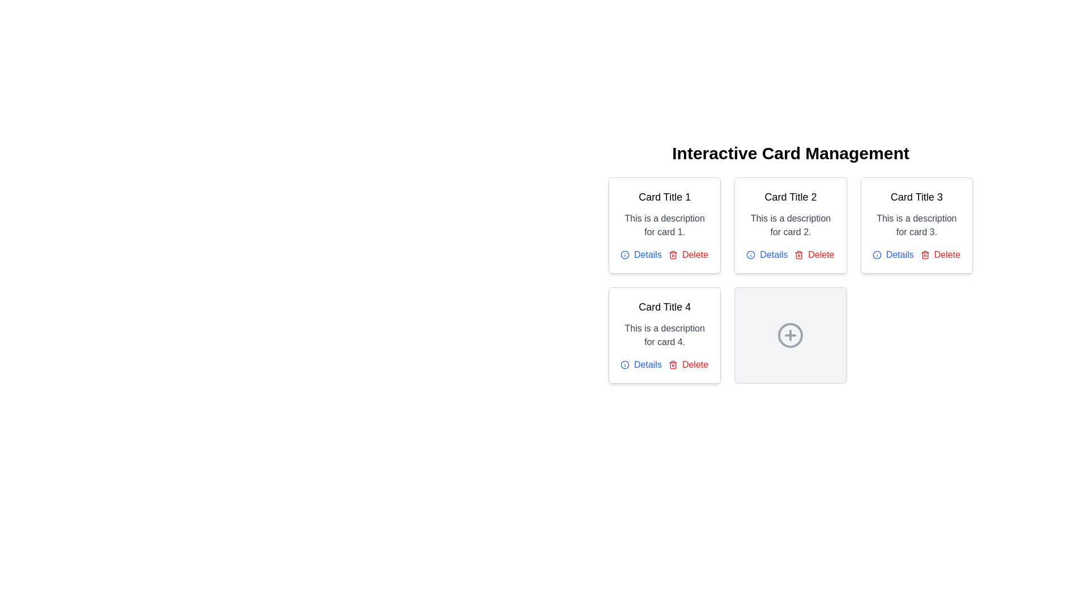 This screenshot has width=1088, height=612. Describe the element at coordinates (790, 196) in the screenshot. I see `the text element displaying 'Card Title 2' at the center of the second card` at that location.